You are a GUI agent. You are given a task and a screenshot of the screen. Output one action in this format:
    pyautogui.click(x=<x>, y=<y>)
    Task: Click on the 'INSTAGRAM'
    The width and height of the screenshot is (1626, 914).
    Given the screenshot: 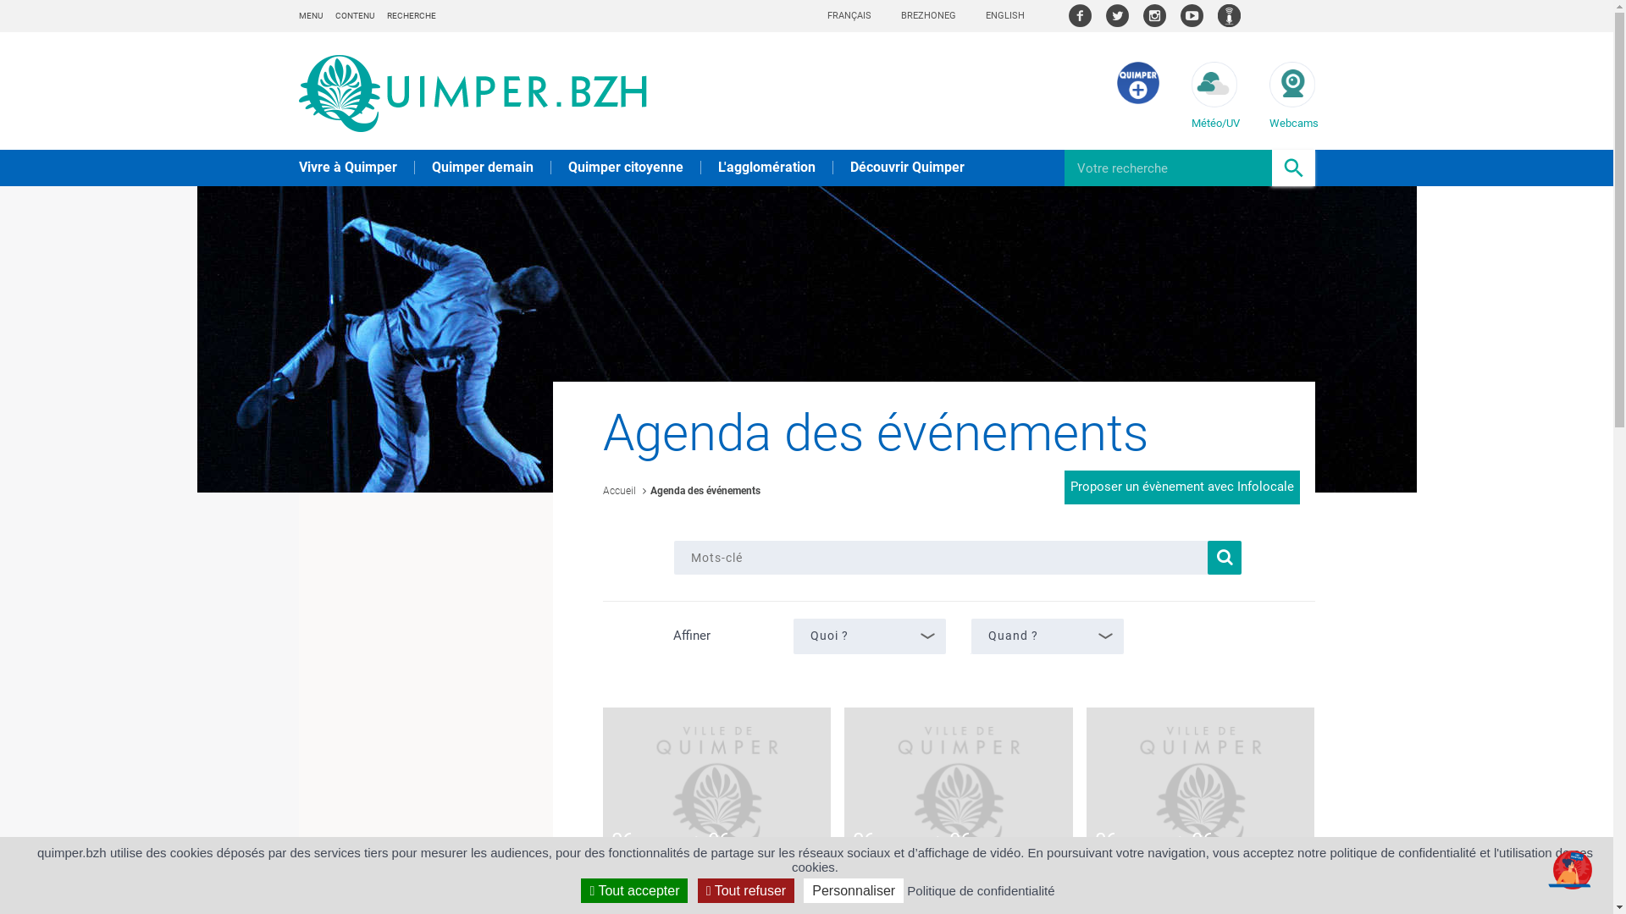 What is the action you would take?
    pyautogui.click(x=1153, y=15)
    